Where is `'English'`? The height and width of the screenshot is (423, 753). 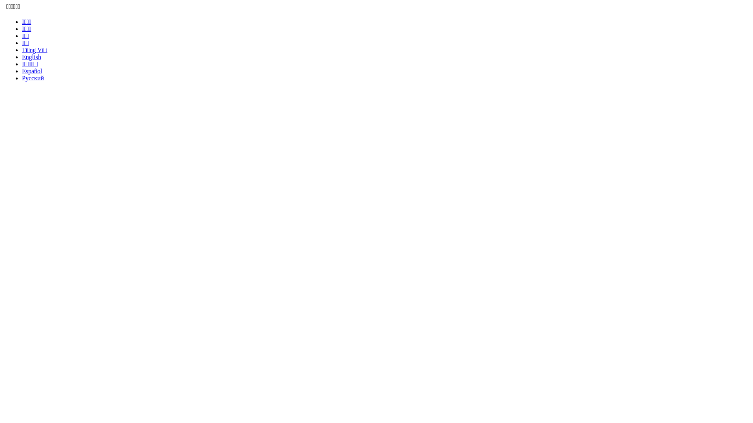 'English' is located at coordinates (31, 56).